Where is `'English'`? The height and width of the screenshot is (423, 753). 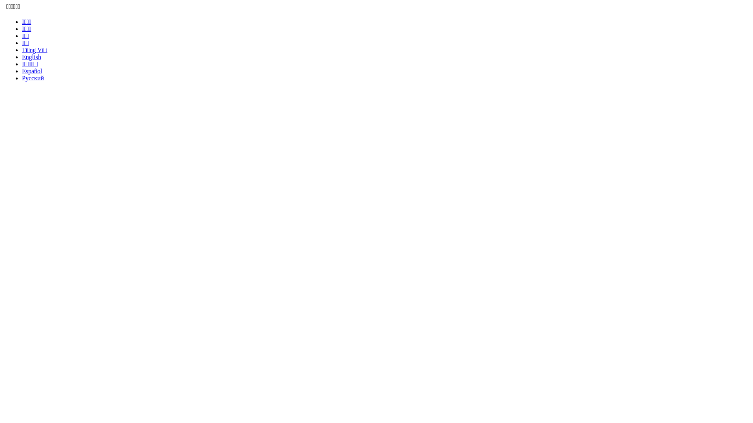 'English' is located at coordinates (31, 56).